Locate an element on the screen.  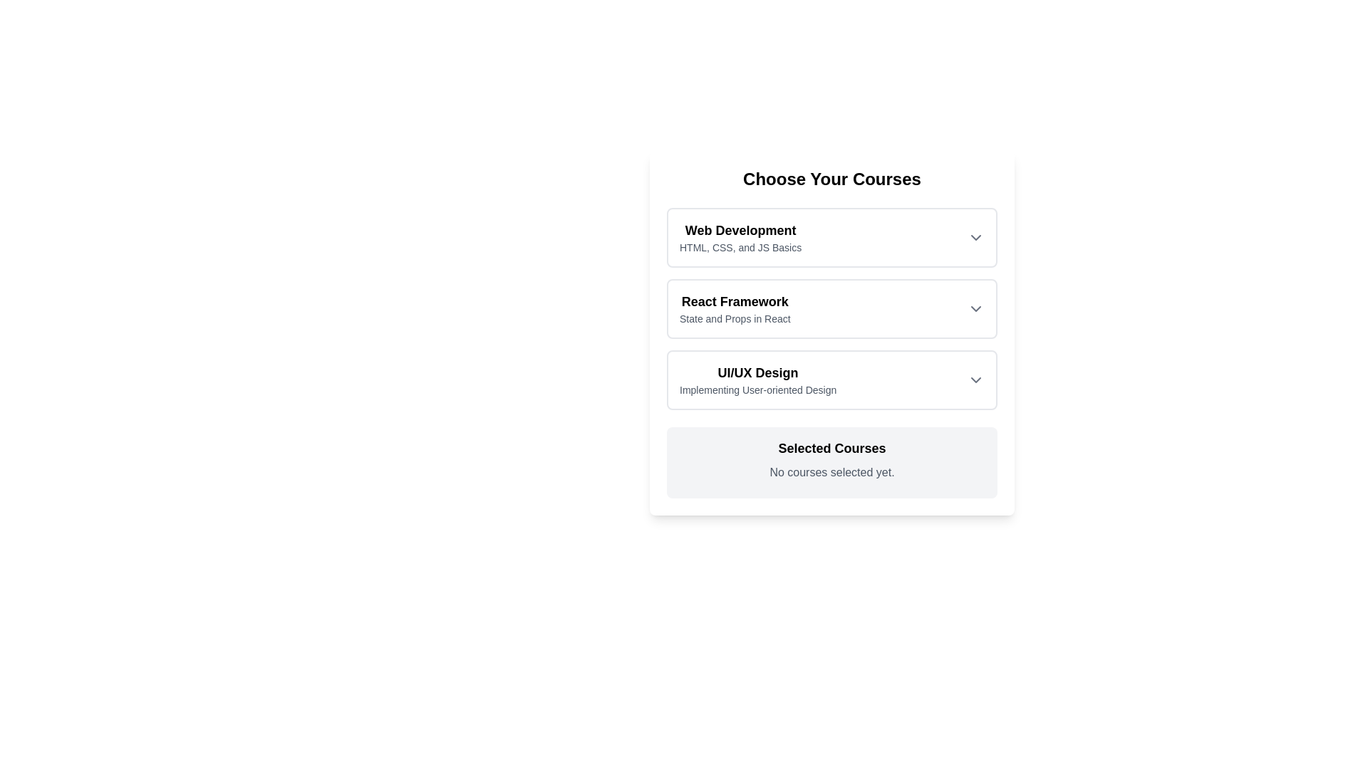
the collapsible list item titled 'UI/UX Design' which contains the description 'Implementing User-oriented Design'. This item is the third in the list of course options, positioned below 'React Framework' is located at coordinates (831, 379).